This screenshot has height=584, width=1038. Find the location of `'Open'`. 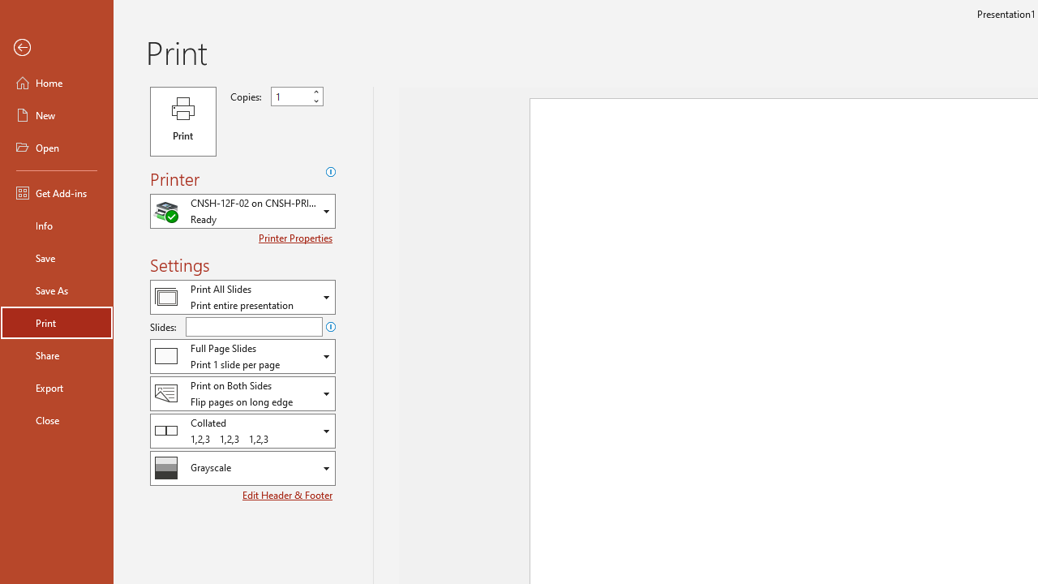

'Open' is located at coordinates (56, 148).